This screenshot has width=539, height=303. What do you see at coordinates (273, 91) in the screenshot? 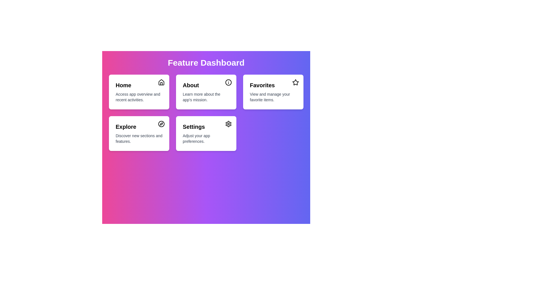
I see `the menu item Favorites to see its hover effect` at bounding box center [273, 91].